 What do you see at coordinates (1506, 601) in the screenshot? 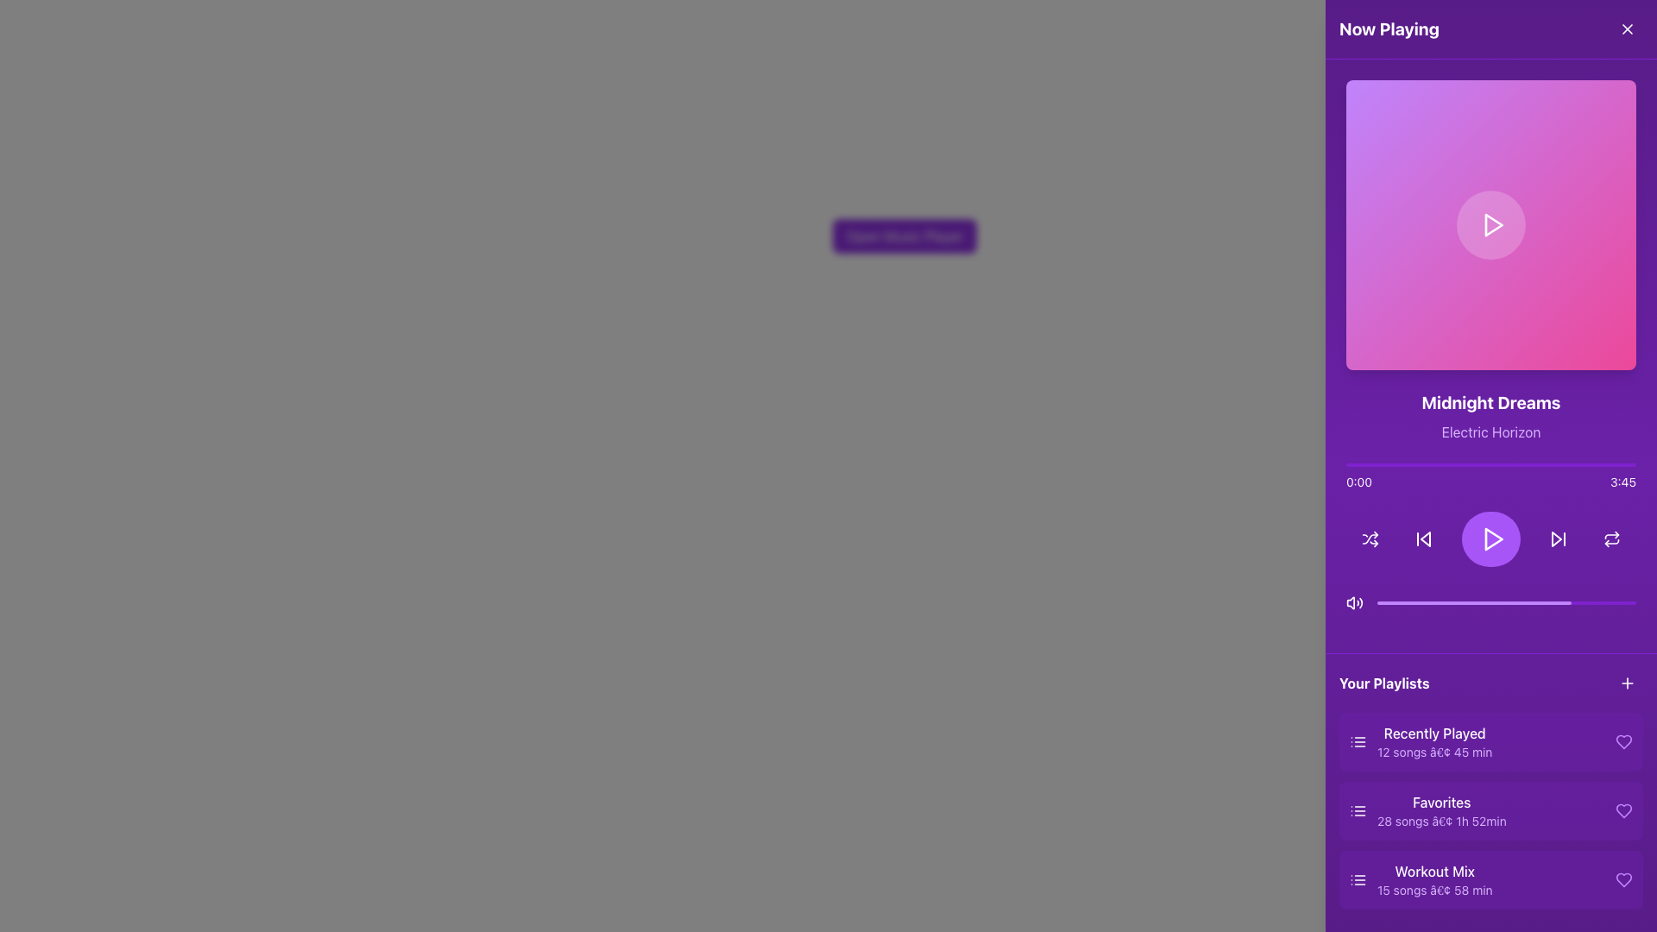
I see `the progress bar located in the 'Now Playing' interface, which is positioned beneath the playback buttons and above the playlist section` at bounding box center [1506, 601].